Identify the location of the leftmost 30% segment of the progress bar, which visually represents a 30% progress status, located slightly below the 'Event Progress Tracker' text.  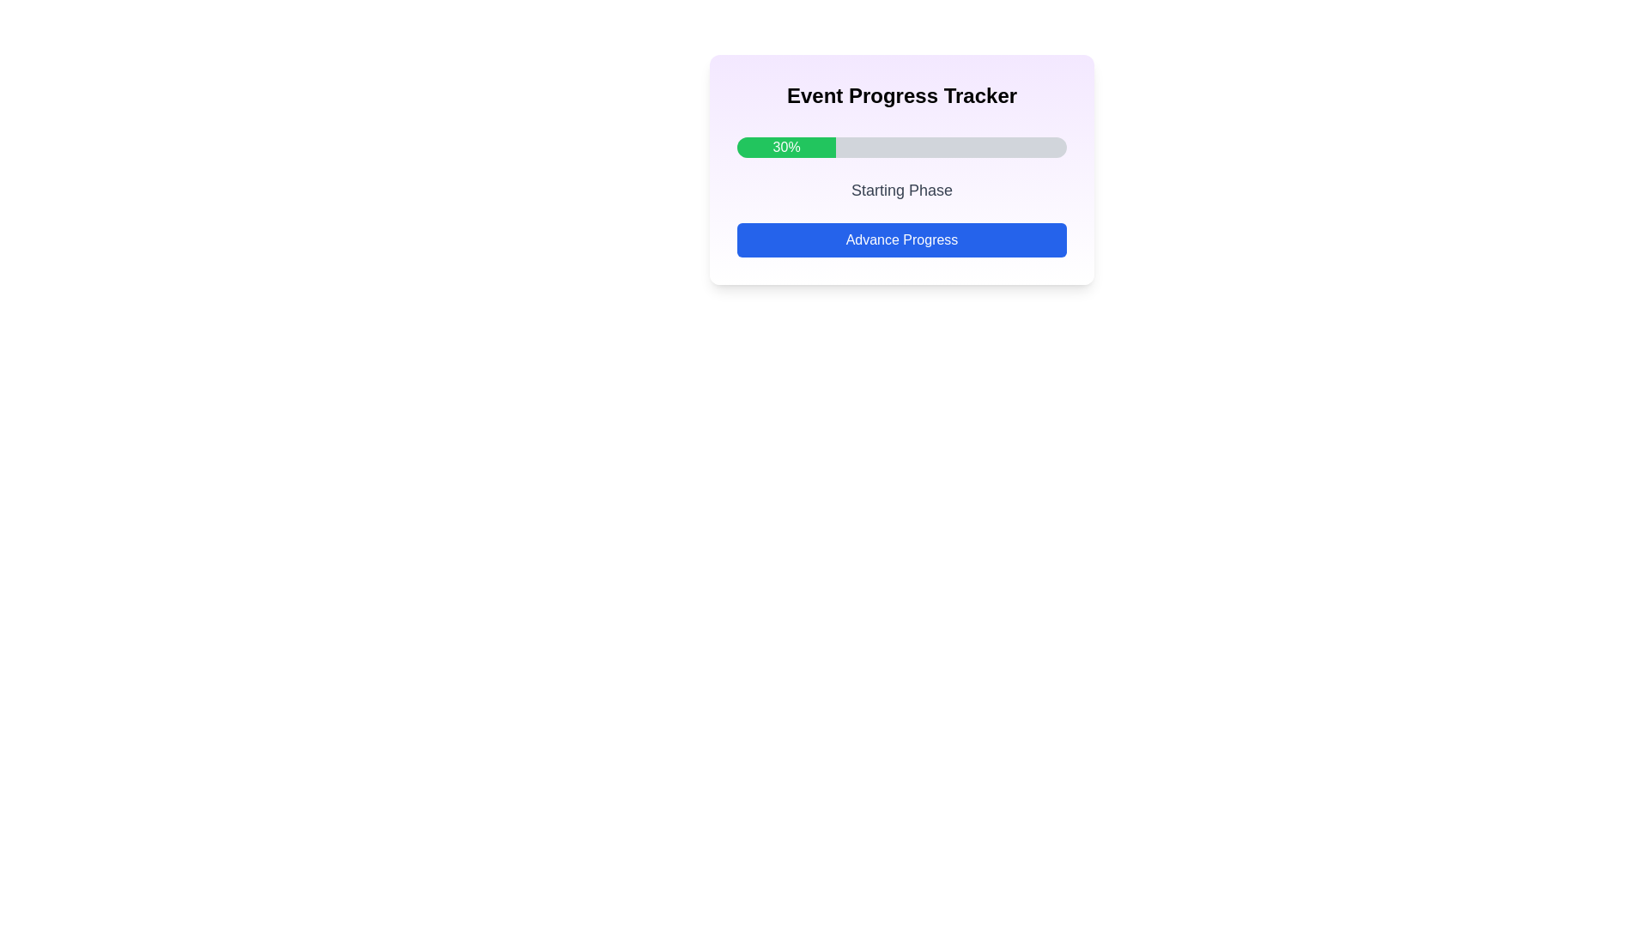
(785, 147).